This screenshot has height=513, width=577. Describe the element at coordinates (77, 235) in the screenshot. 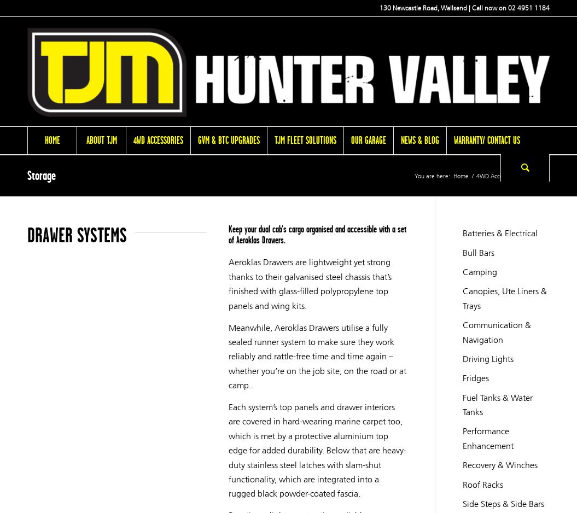

I see `'DRAWER SYSTEMS'` at that location.